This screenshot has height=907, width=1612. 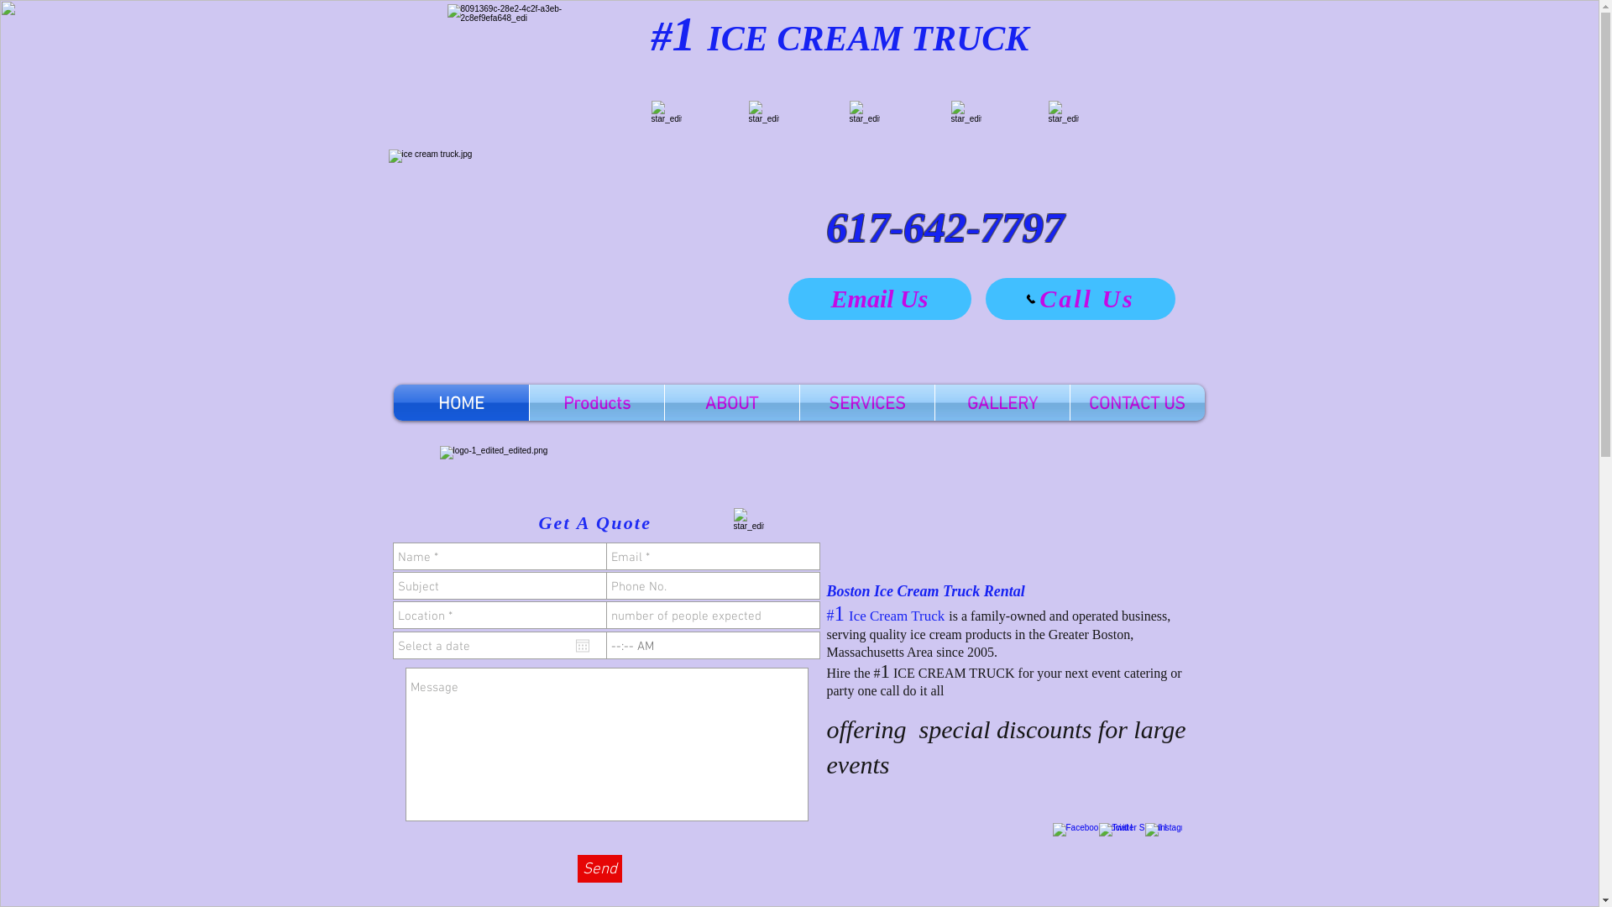 What do you see at coordinates (866, 402) in the screenshot?
I see `'SERVICES'` at bounding box center [866, 402].